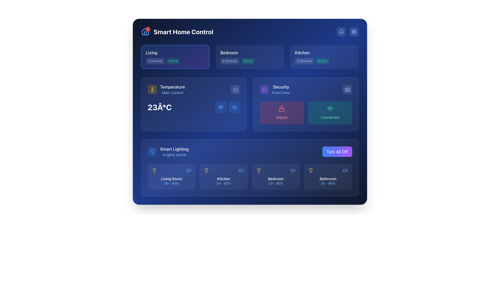 Image resolution: width=502 pixels, height=282 pixels. What do you see at coordinates (166, 89) in the screenshot?
I see `and interpret the information displayed on the thermometer icon and accompanying text 'Temperature' and 'Main Control', which are located in the central control panel area on the left side of the temperature section` at bounding box center [166, 89].